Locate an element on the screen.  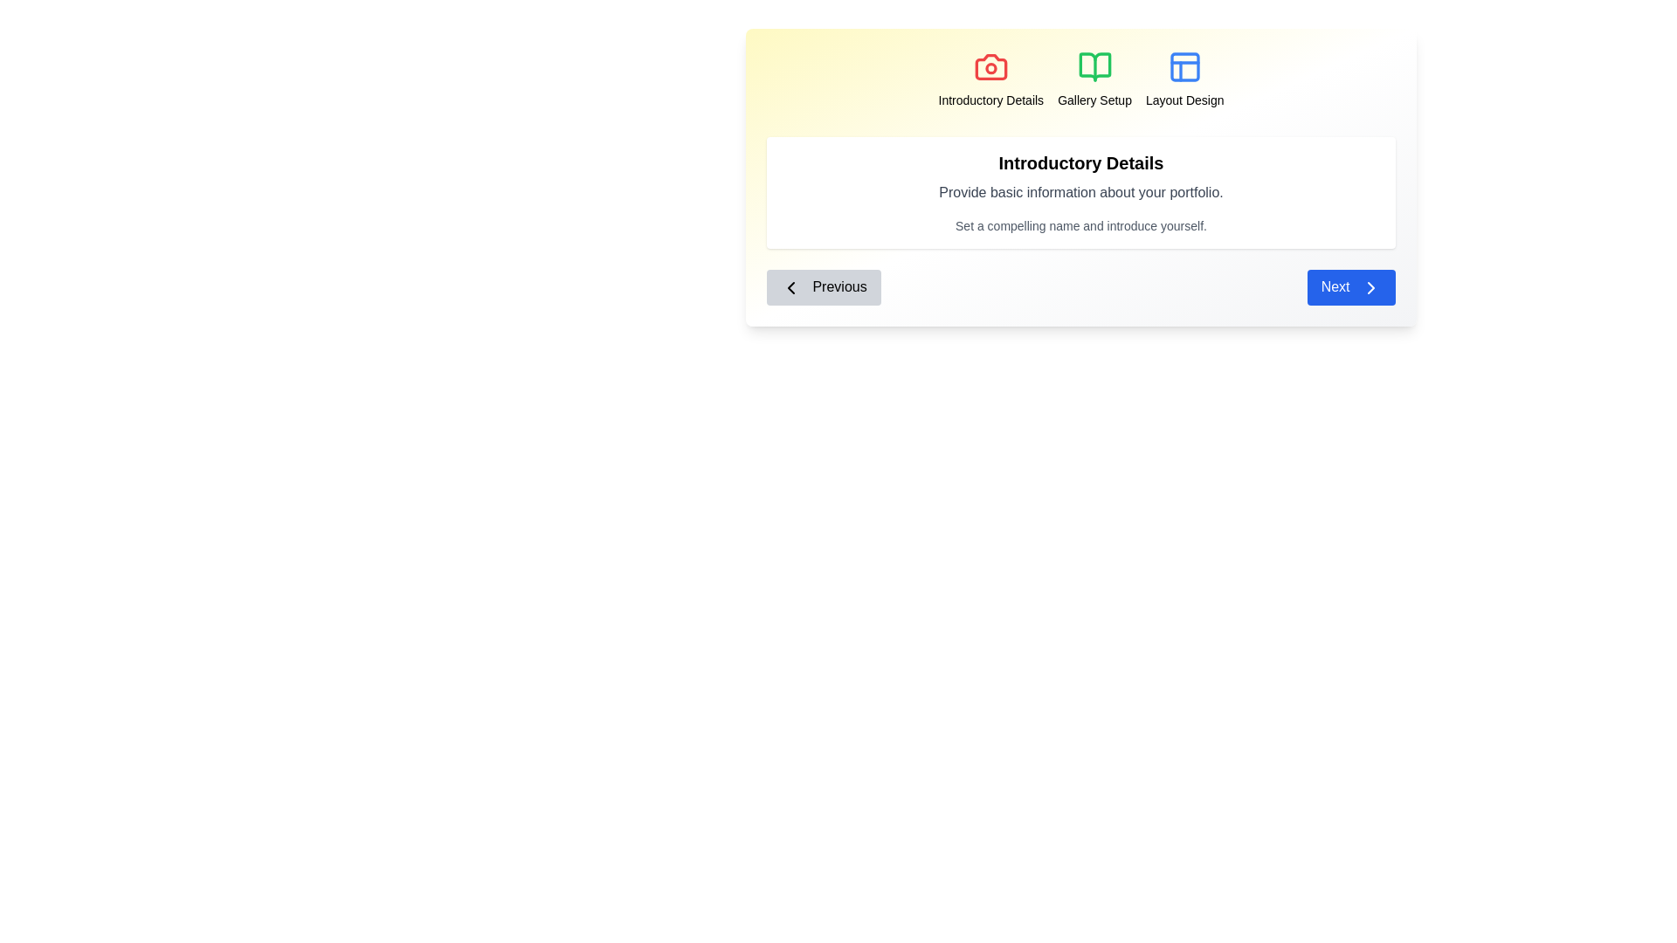
the rectangular 'Next' button with a blue background and white text to proceed is located at coordinates (1350, 286).